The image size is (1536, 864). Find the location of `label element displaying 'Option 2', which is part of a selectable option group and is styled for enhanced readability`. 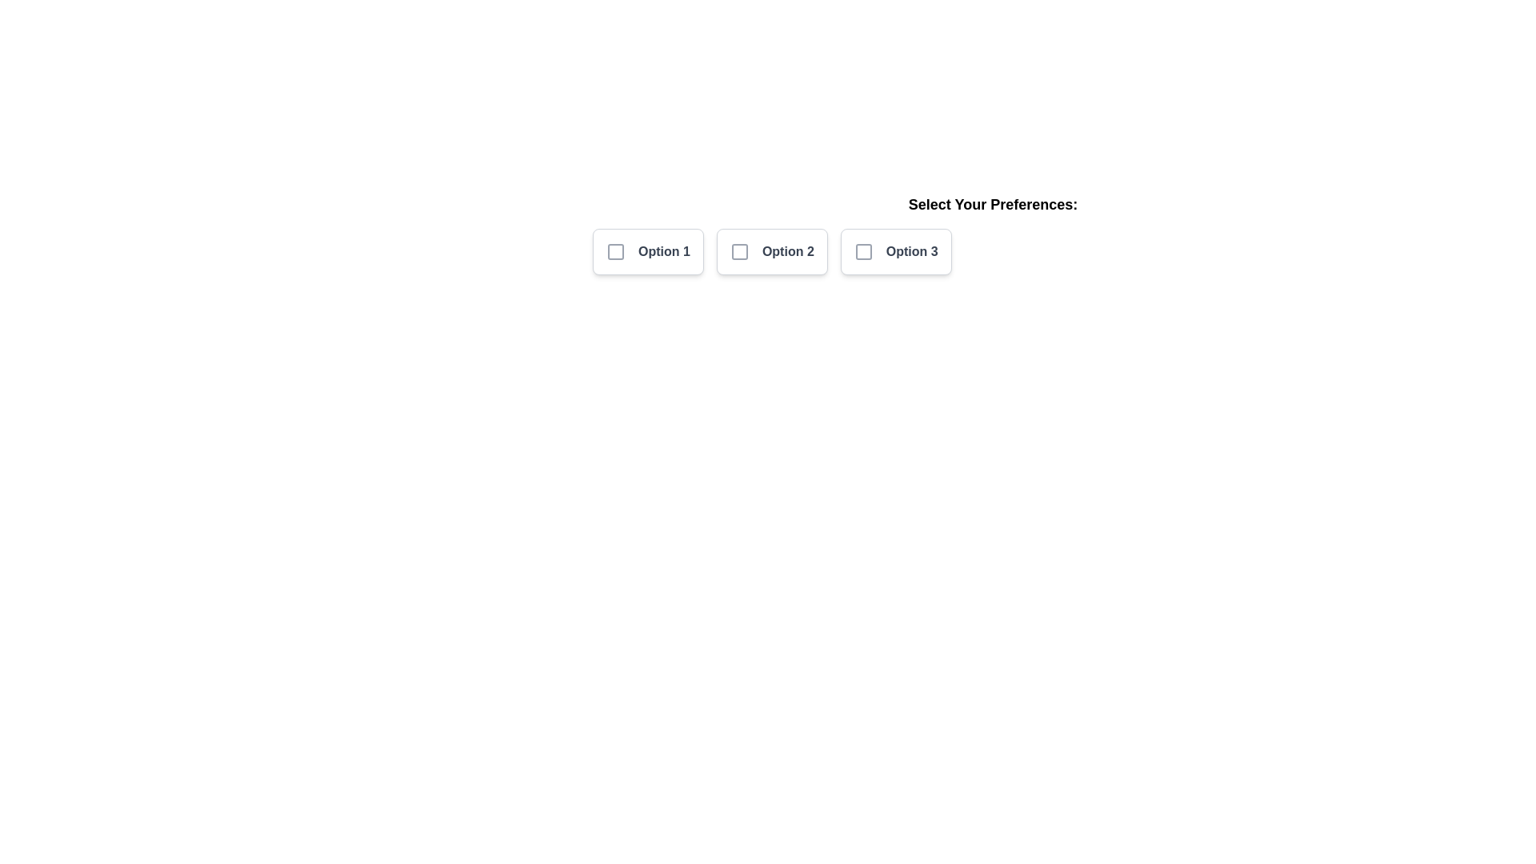

label element displaying 'Option 2', which is part of a selectable option group and is styled for enhanced readability is located at coordinates (788, 252).